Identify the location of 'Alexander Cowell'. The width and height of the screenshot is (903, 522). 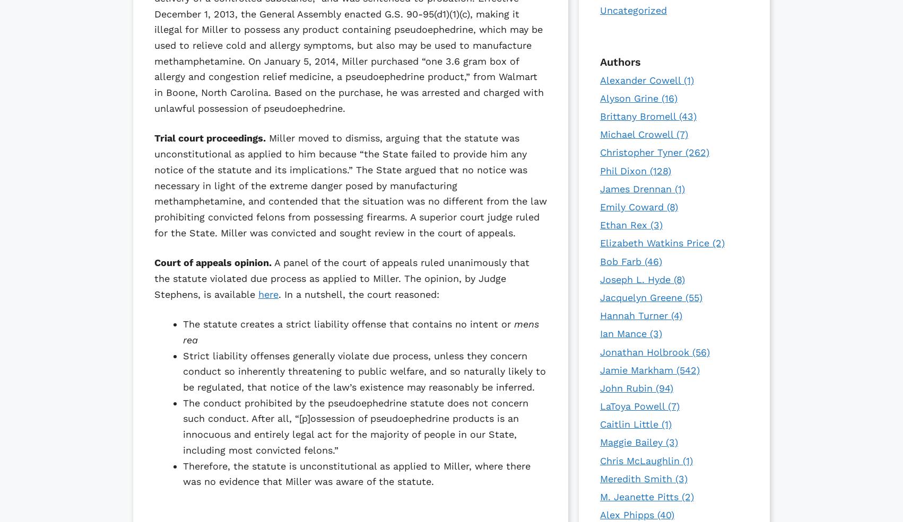
(641, 79).